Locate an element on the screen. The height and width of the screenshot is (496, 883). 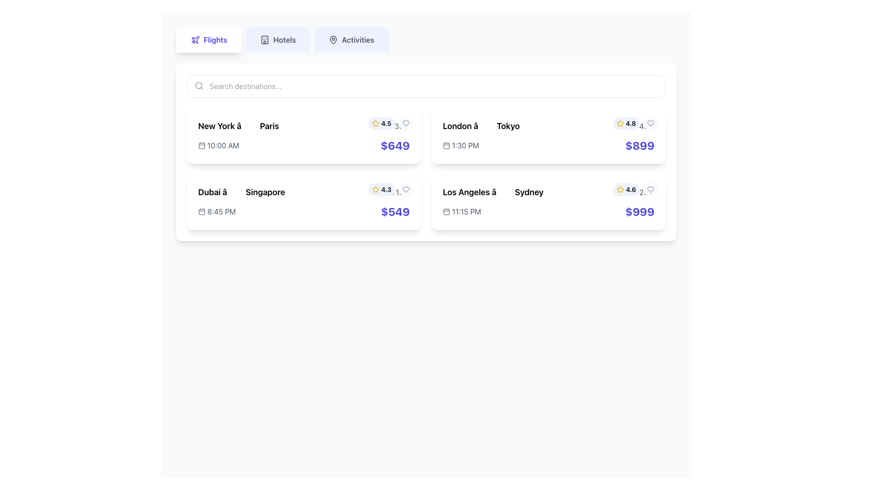
the price display located in the second card of flight options to check for the price breakdown is located at coordinates (304, 212).